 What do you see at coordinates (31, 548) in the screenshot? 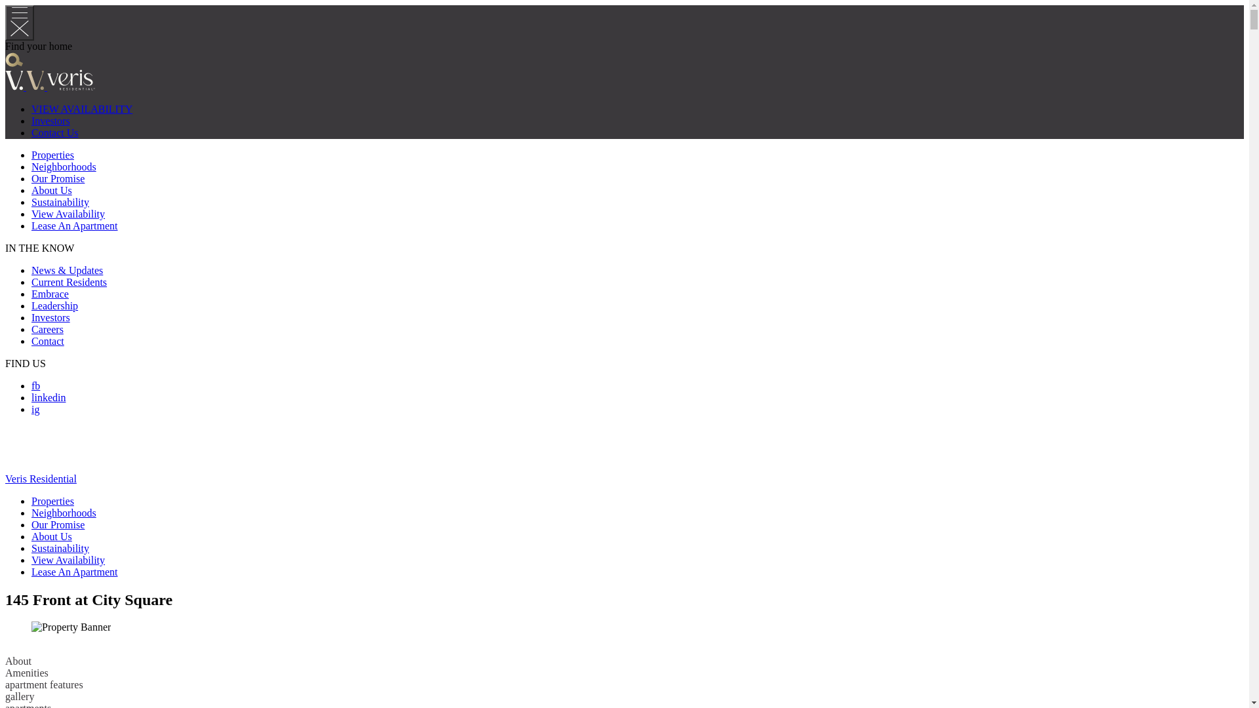
I see `'Sustainability'` at bounding box center [31, 548].